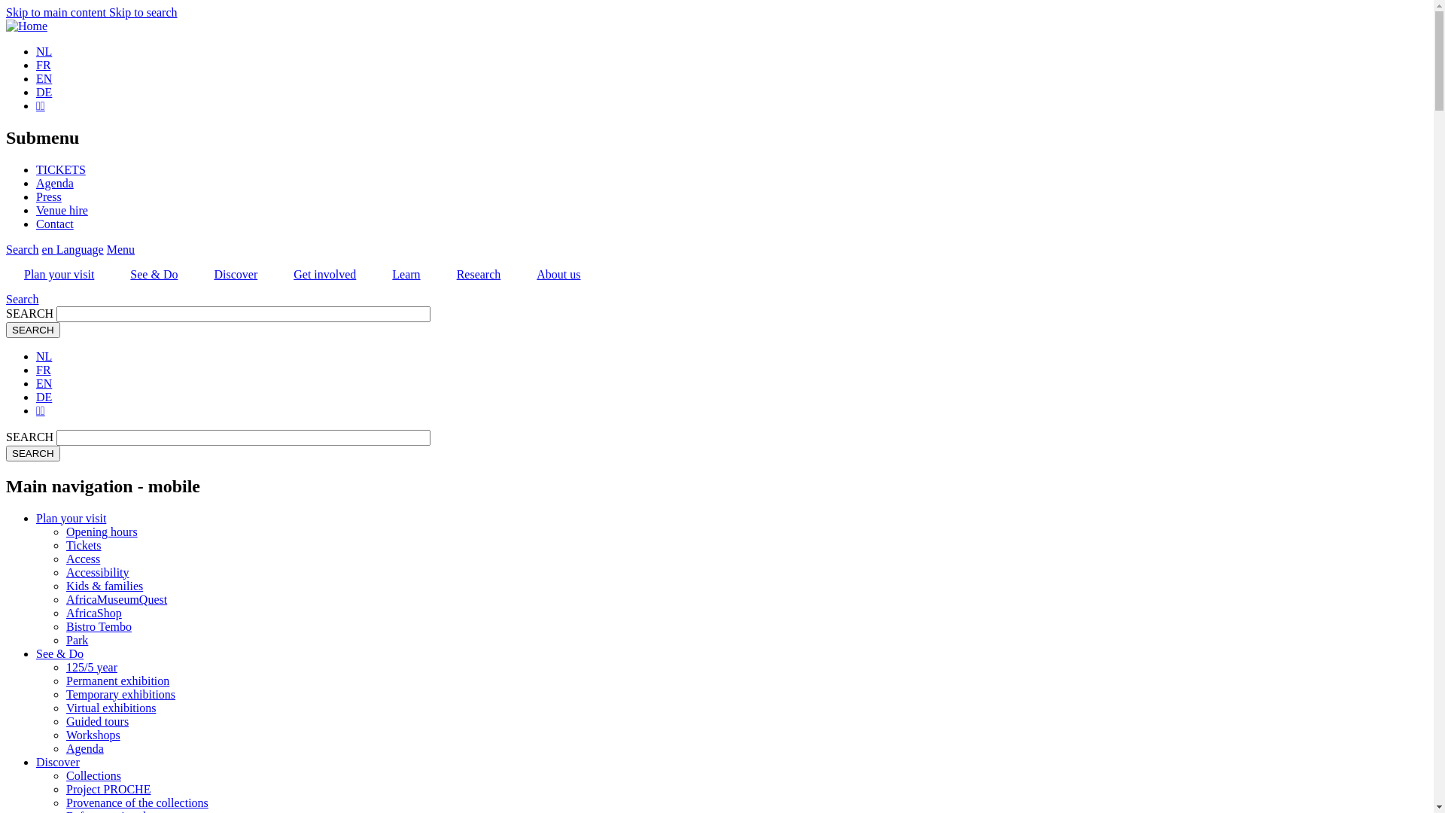 This screenshot has height=813, width=1445. I want to click on 'AfricaMuseumQuest', so click(115, 598).